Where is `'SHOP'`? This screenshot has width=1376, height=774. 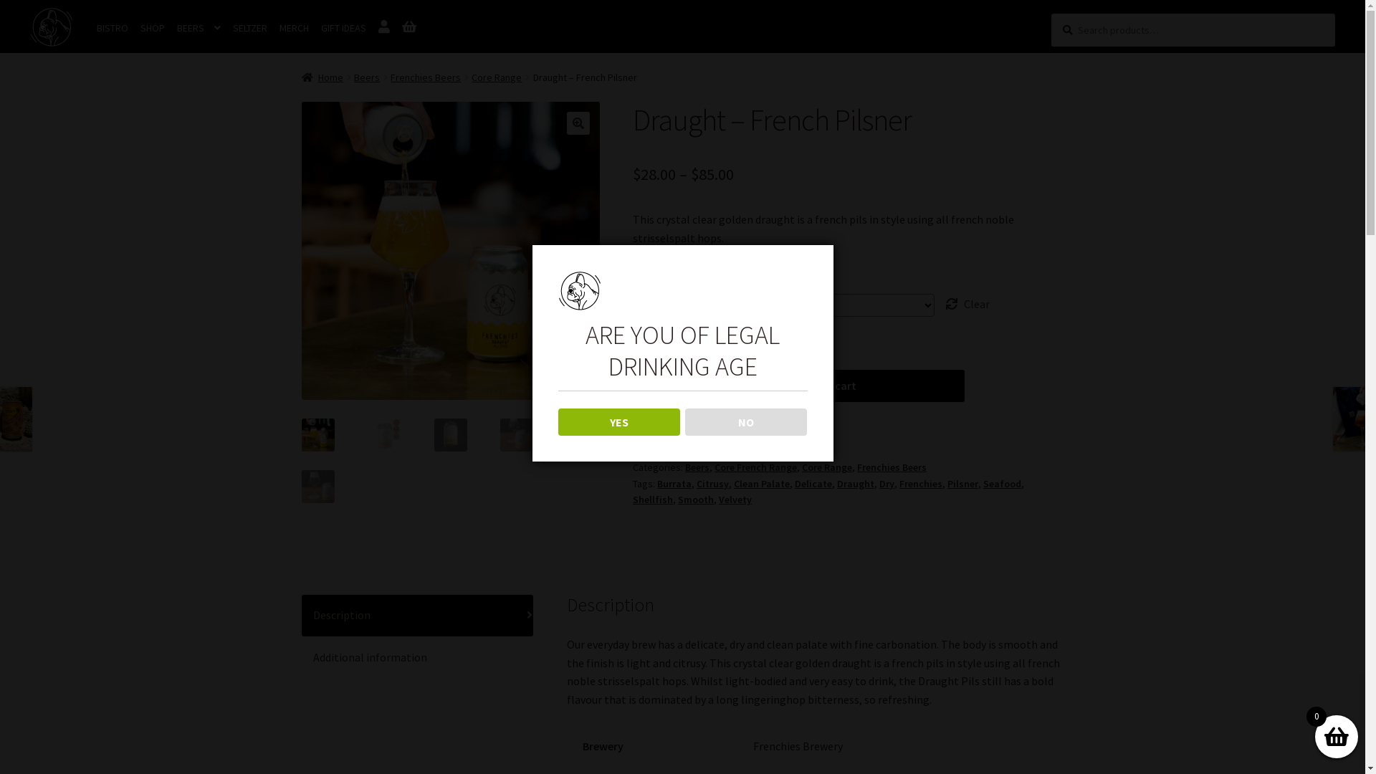
'SHOP' is located at coordinates (135, 28).